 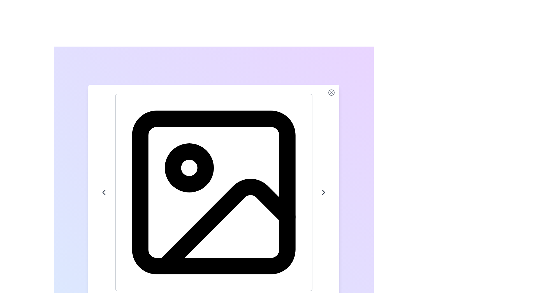 What do you see at coordinates (331, 92) in the screenshot?
I see `the close button, which is a circular gray button with an 'X' icon located in the top-right corner of the modal` at bounding box center [331, 92].